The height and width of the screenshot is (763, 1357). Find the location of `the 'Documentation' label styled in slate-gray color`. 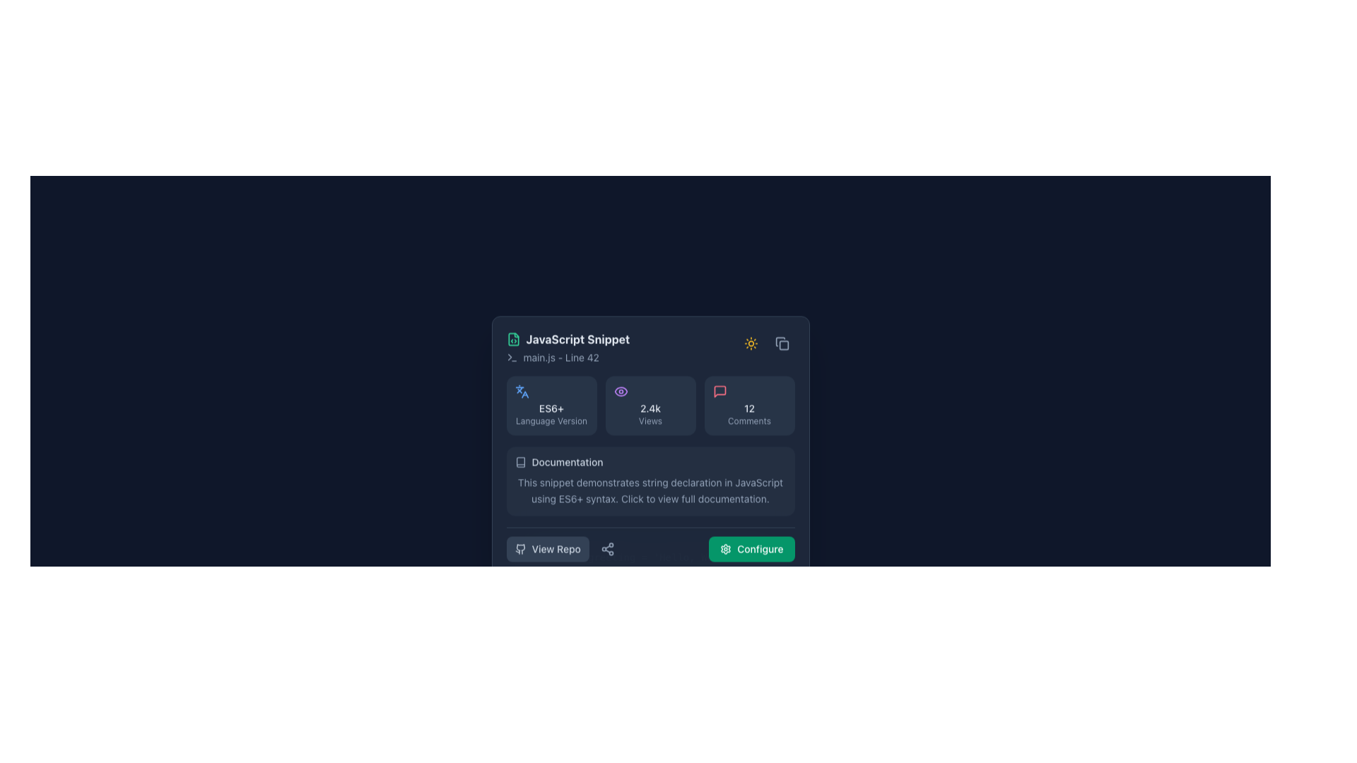

the 'Documentation' label styled in slate-gray color is located at coordinates (567, 462).